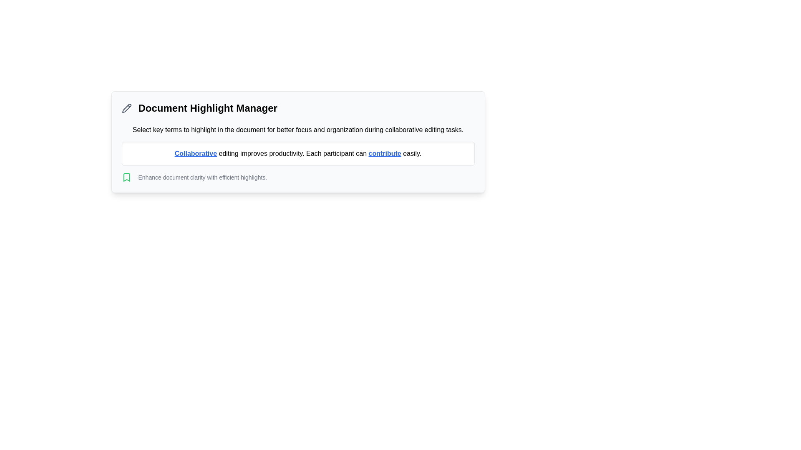 The width and height of the screenshot is (801, 450). Describe the element at coordinates (292, 153) in the screenshot. I see `text content of the Text block that contains the phrase 'editing improves productivity. Each participant can', which is positioned between the bold blue word 'Collaborative' and 'contribute'` at that location.